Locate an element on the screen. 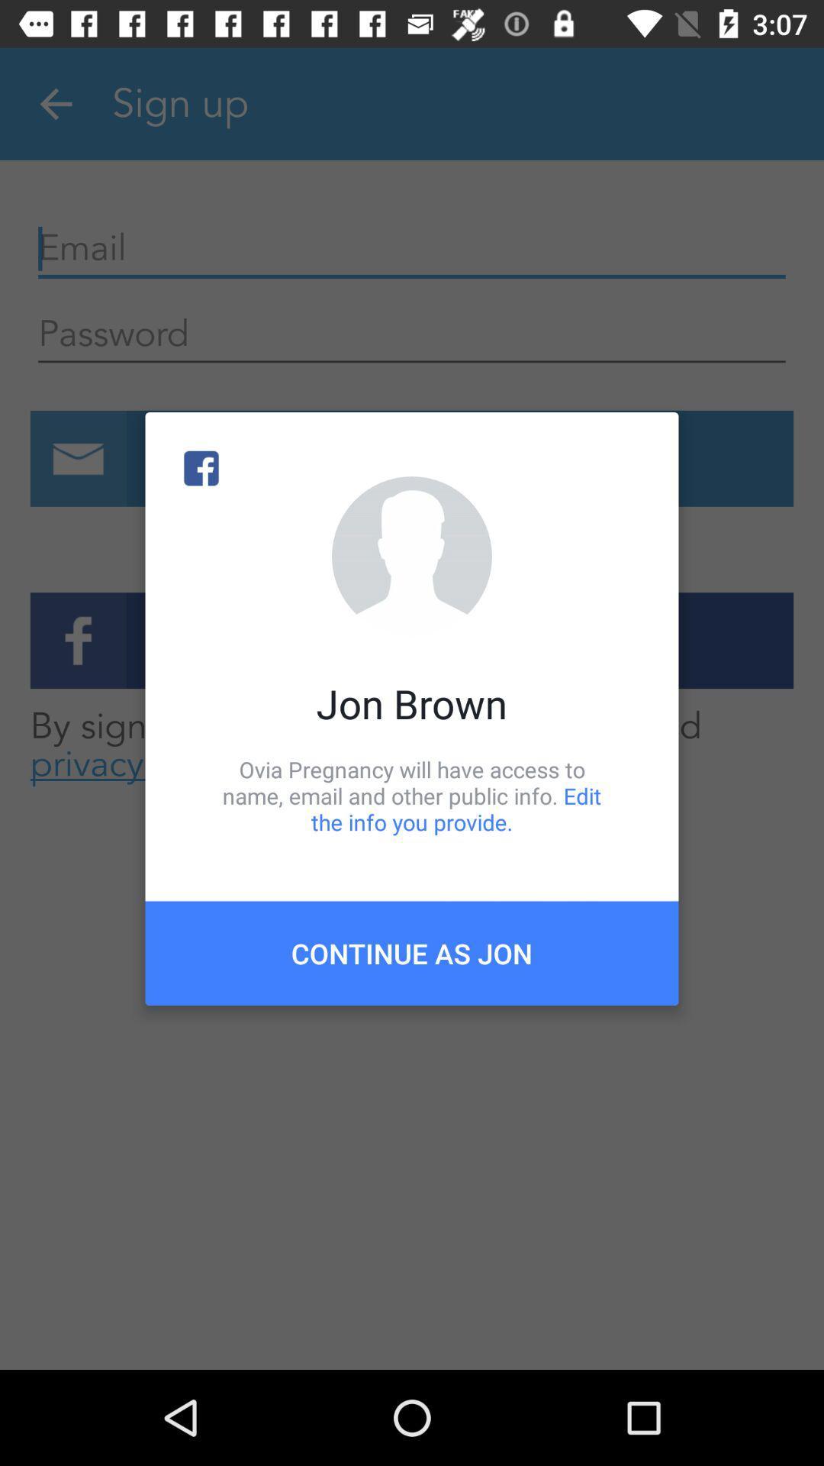  the item below jon brown icon is located at coordinates (412, 795).